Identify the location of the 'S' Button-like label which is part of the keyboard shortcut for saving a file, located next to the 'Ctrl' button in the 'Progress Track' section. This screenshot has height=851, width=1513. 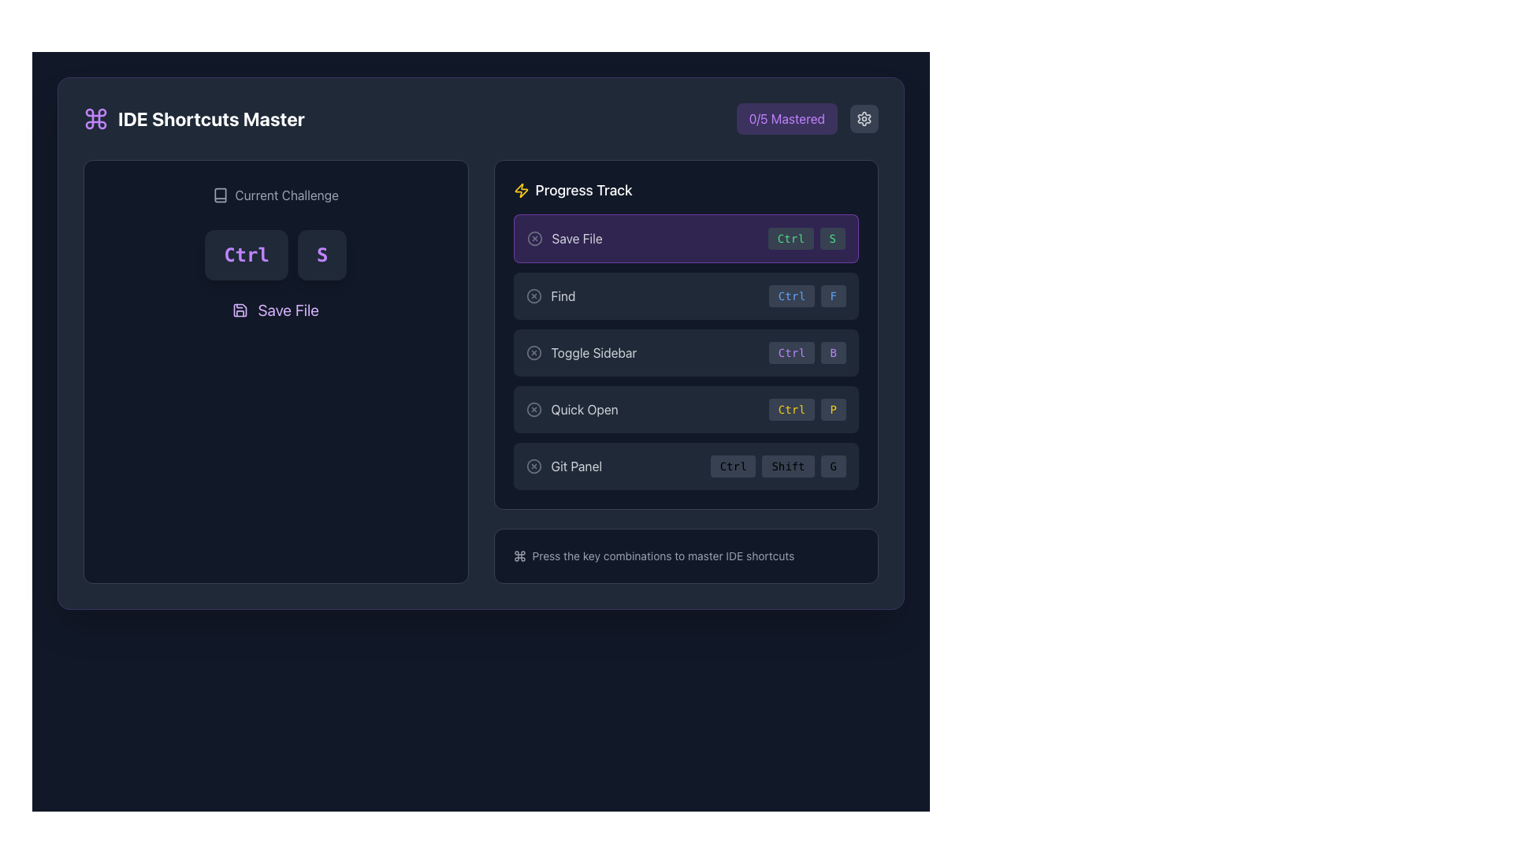
(831, 239).